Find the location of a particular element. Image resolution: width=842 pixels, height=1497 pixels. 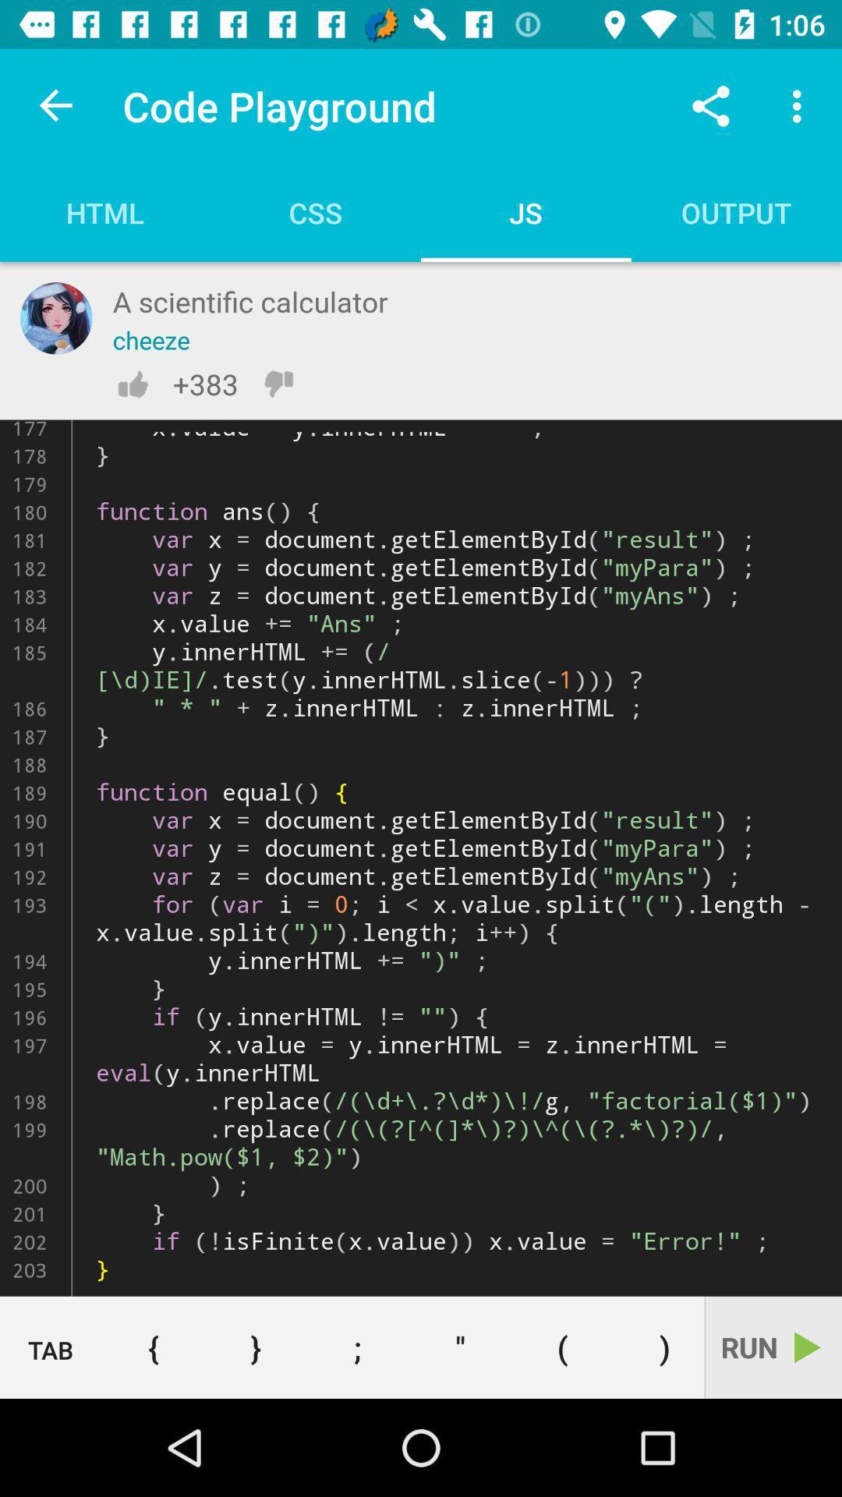

the item next to tab item is located at coordinates (153, 1347).